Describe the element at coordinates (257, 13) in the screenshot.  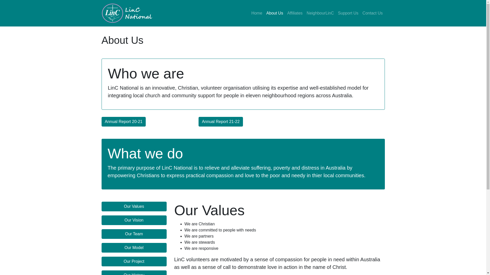
I see `'Home'` at that location.